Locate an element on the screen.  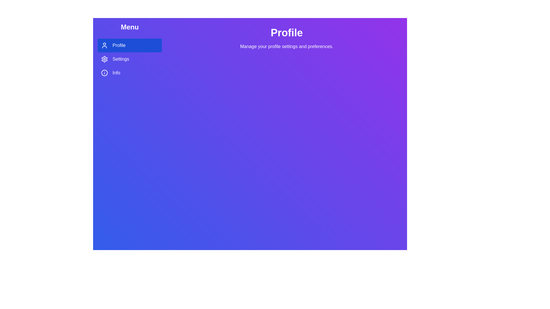
the Info tab is located at coordinates (129, 72).